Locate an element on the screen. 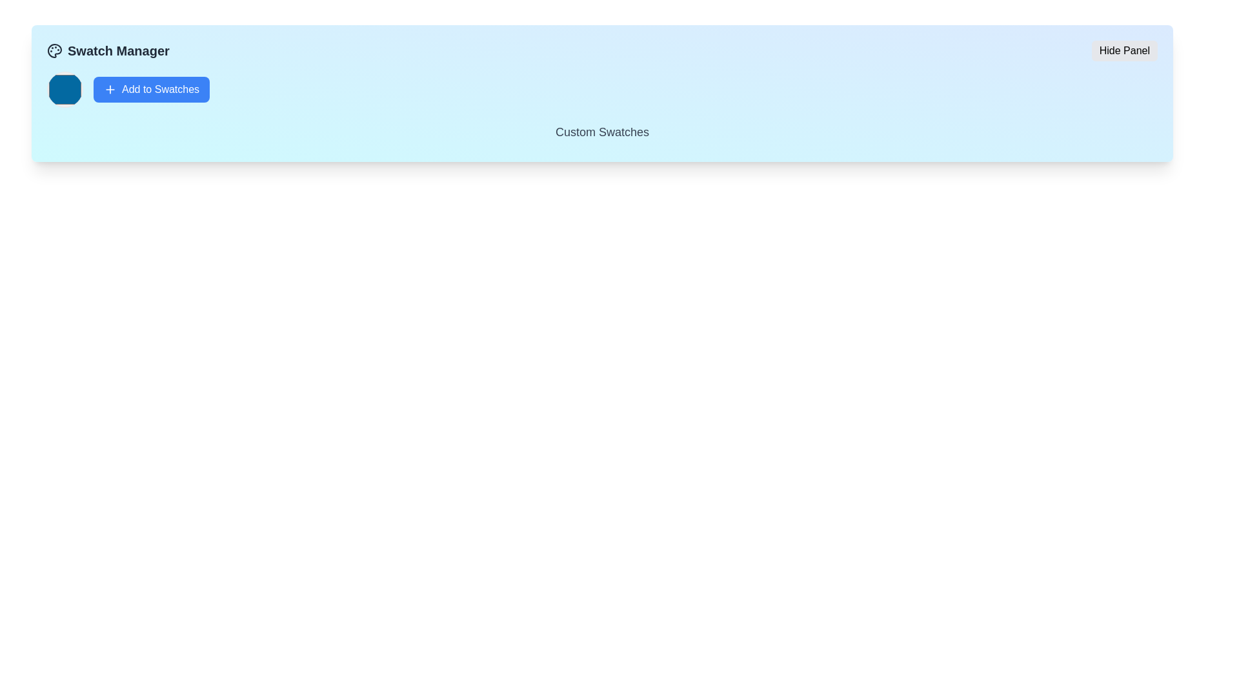  the text label displaying 'Custom Swatches' which is styled in a medium-weight font with a subdued gray color on a blue background, located at the bottom of the section beneath the 'Add to Swatches' button is located at coordinates (601, 134).